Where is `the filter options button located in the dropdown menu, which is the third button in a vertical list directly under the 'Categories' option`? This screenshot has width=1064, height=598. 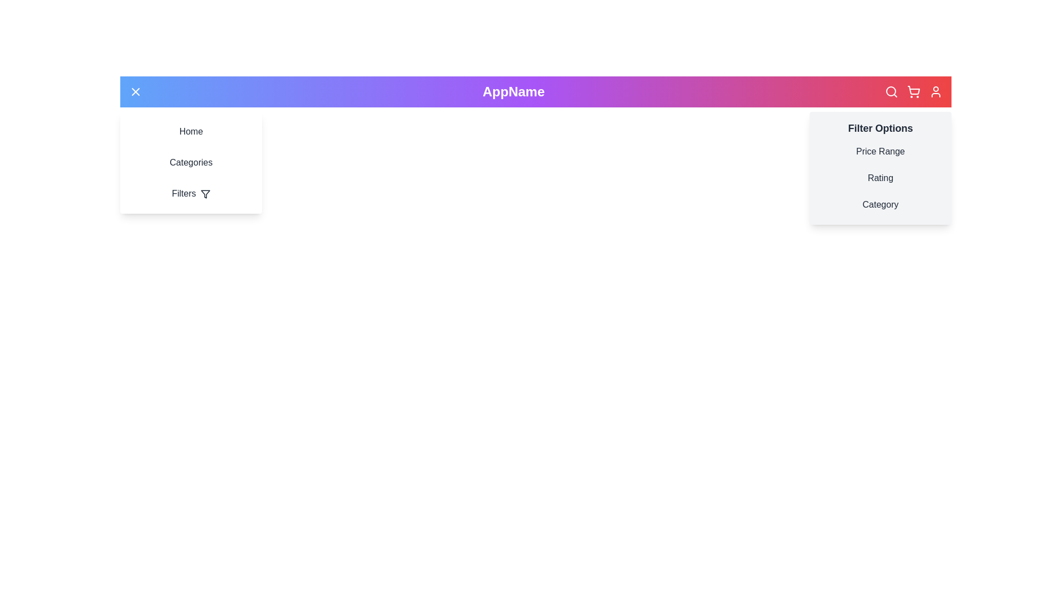
the filter options button located in the dropdown menu, which is the third button in a vertical list directly under the 'Categories' option is located at coordinates (191, 193).